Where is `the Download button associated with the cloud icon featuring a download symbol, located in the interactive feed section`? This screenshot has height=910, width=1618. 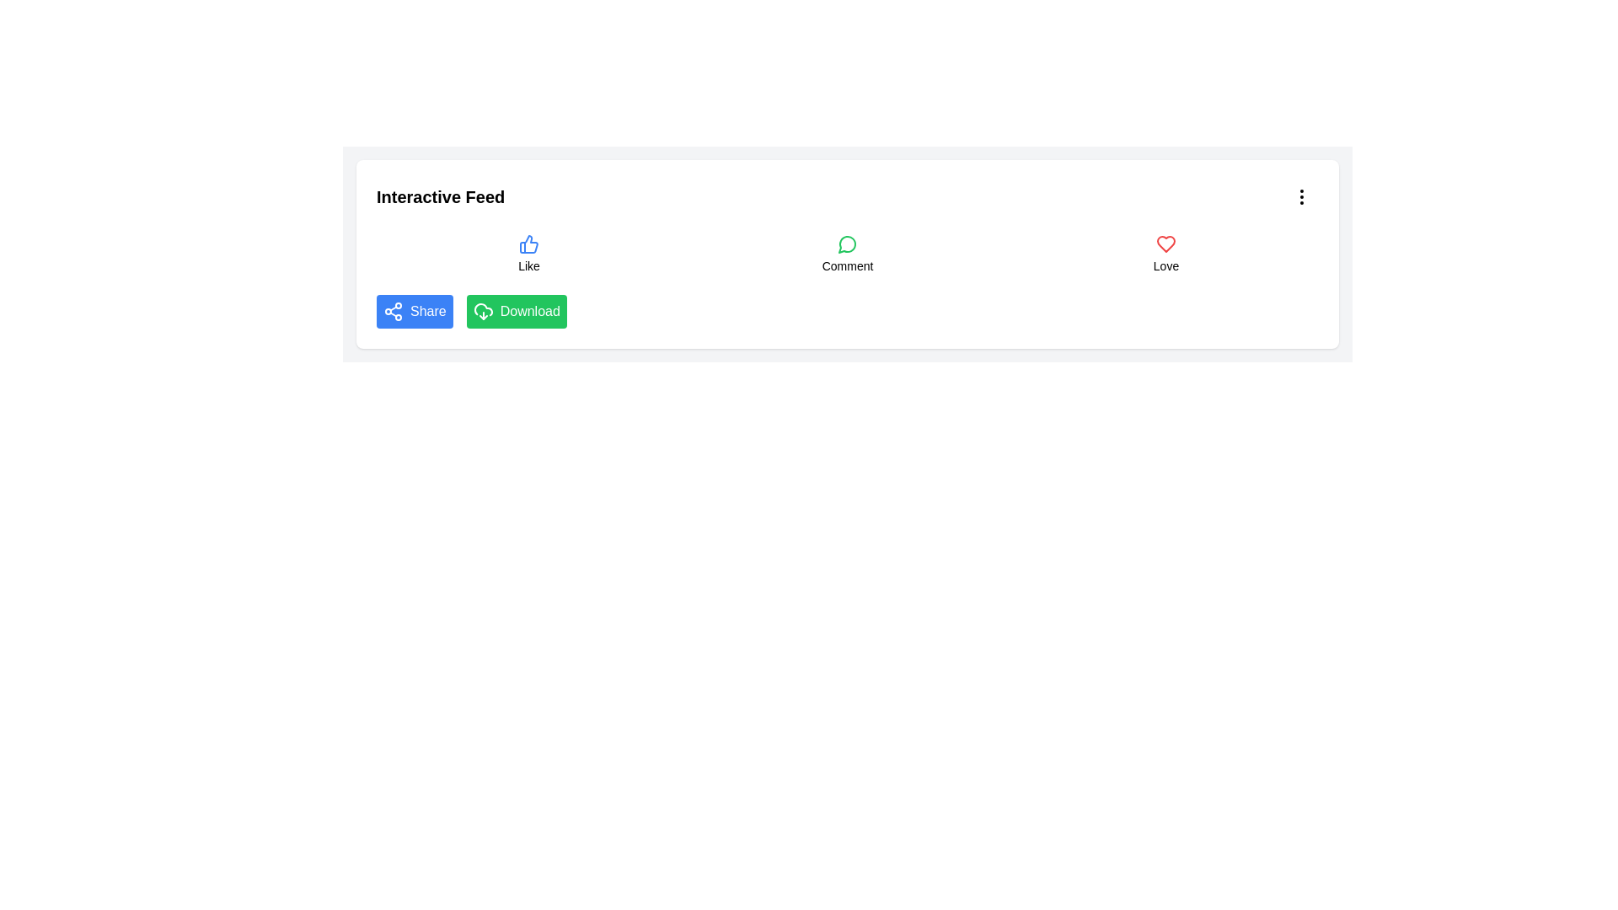
the Download button associated with the cloud icon featuring a download symbol, located in the interactive feed section is located at coordinates (482, 309).